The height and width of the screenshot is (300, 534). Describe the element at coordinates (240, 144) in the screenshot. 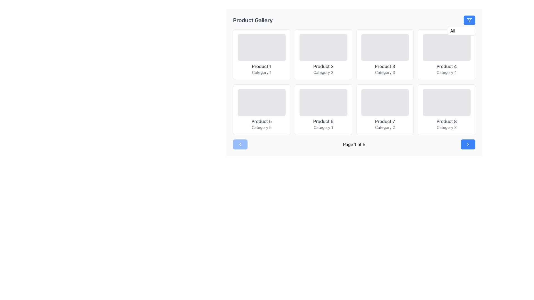

I see `the 'Previous Page' button located at the far left of the pagination bar` at that location.